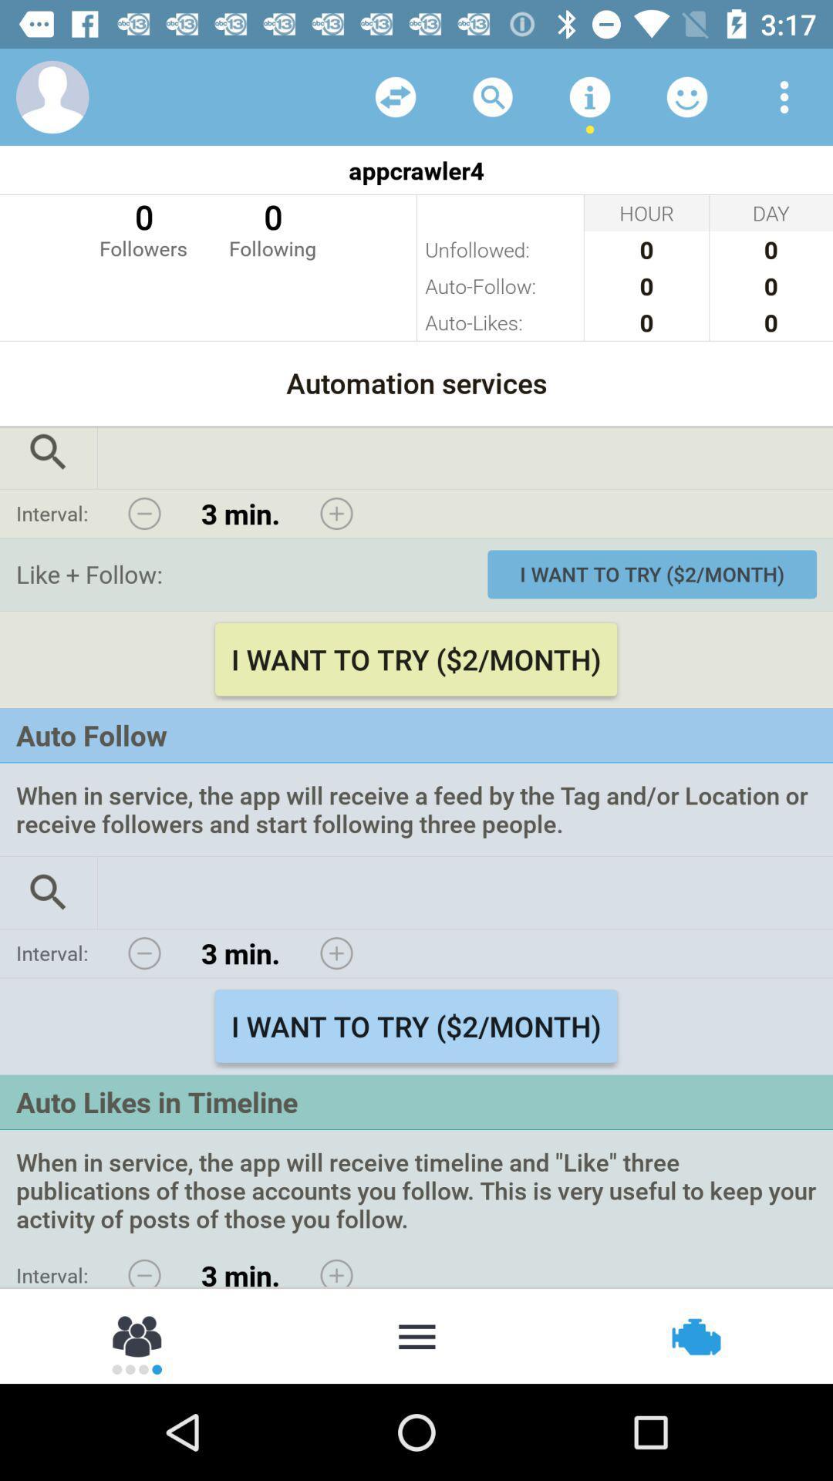 This screenshot has height=1481, width=833. What do you see at coordinates (47, 457) in the screenshot?
I see `search` at bounding box center [47, 457].